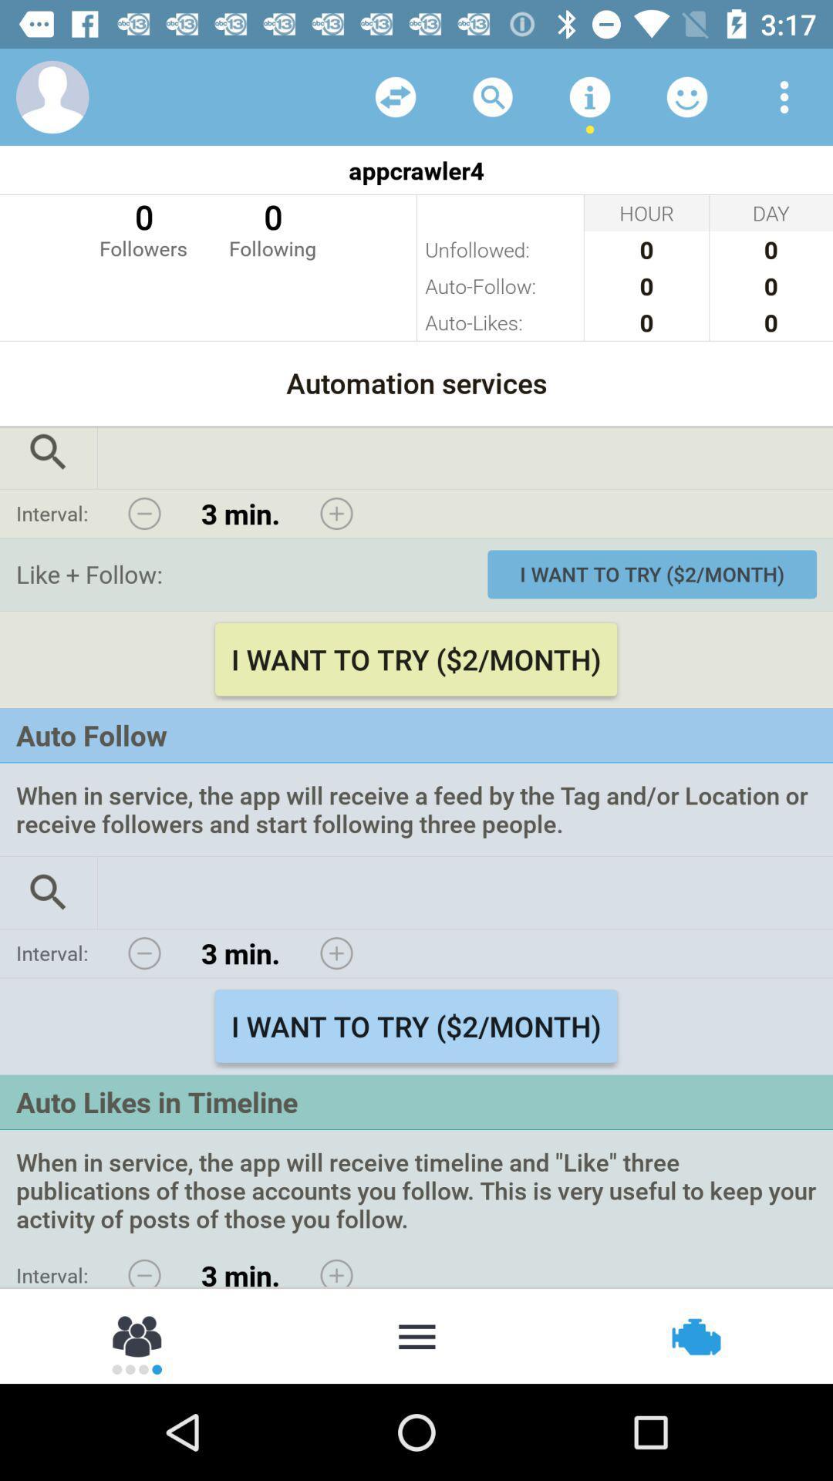 This screenshot has height=1481, width=833. What do you see at coordinates (47, 457) in the screenshot?
I see `search` at bounding box center [47, 457].